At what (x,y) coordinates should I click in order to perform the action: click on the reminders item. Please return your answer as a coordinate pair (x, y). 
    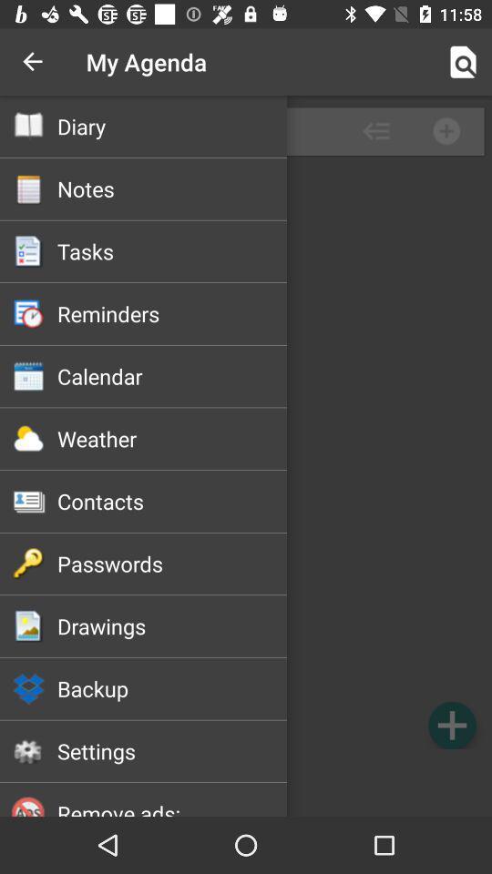
    Looking at the image, I should click on (172, 313).